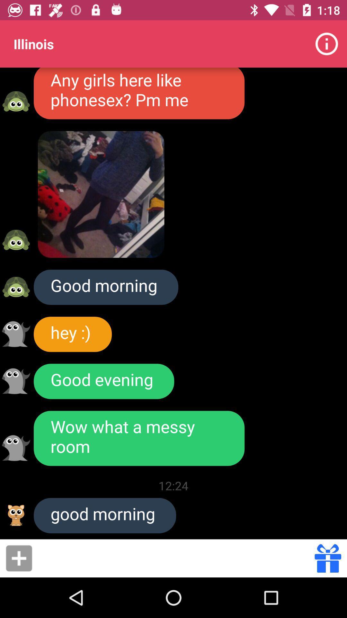  I want to click on user avatar, so click(16, 101).